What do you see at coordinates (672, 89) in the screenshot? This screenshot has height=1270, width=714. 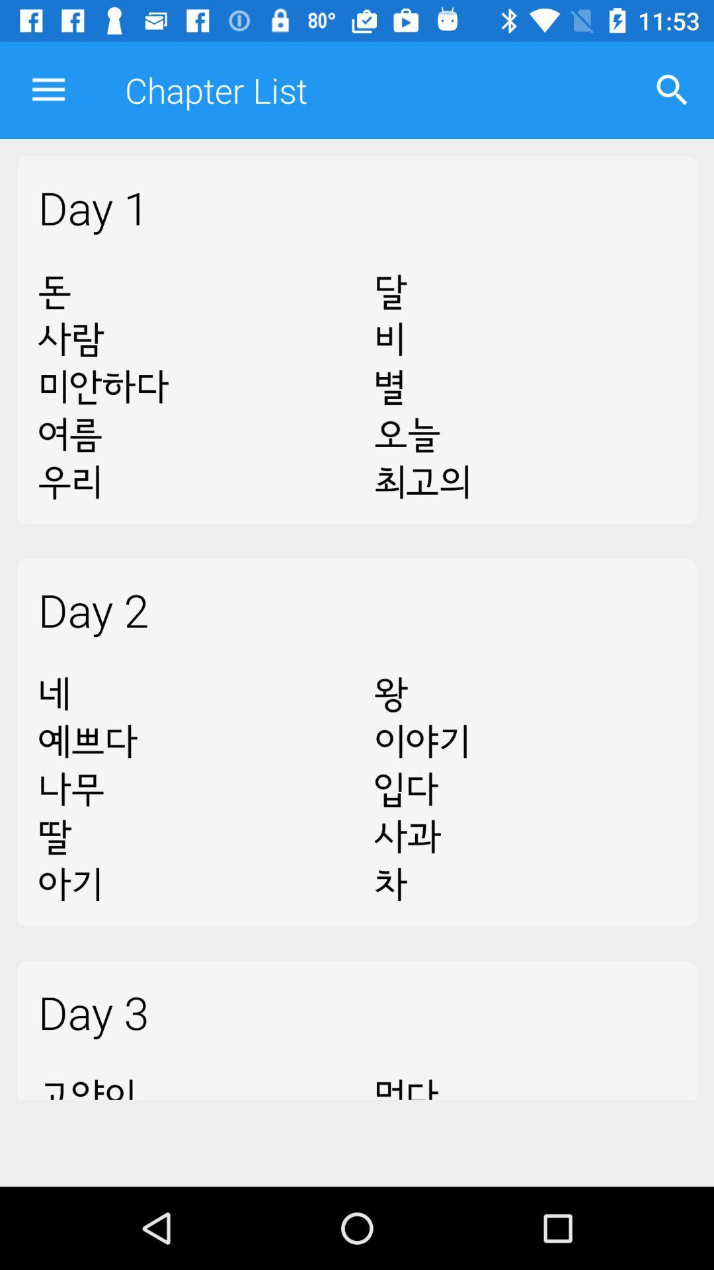 I see `item to the right of the chapter list icon` at bounding box center [672, 89].